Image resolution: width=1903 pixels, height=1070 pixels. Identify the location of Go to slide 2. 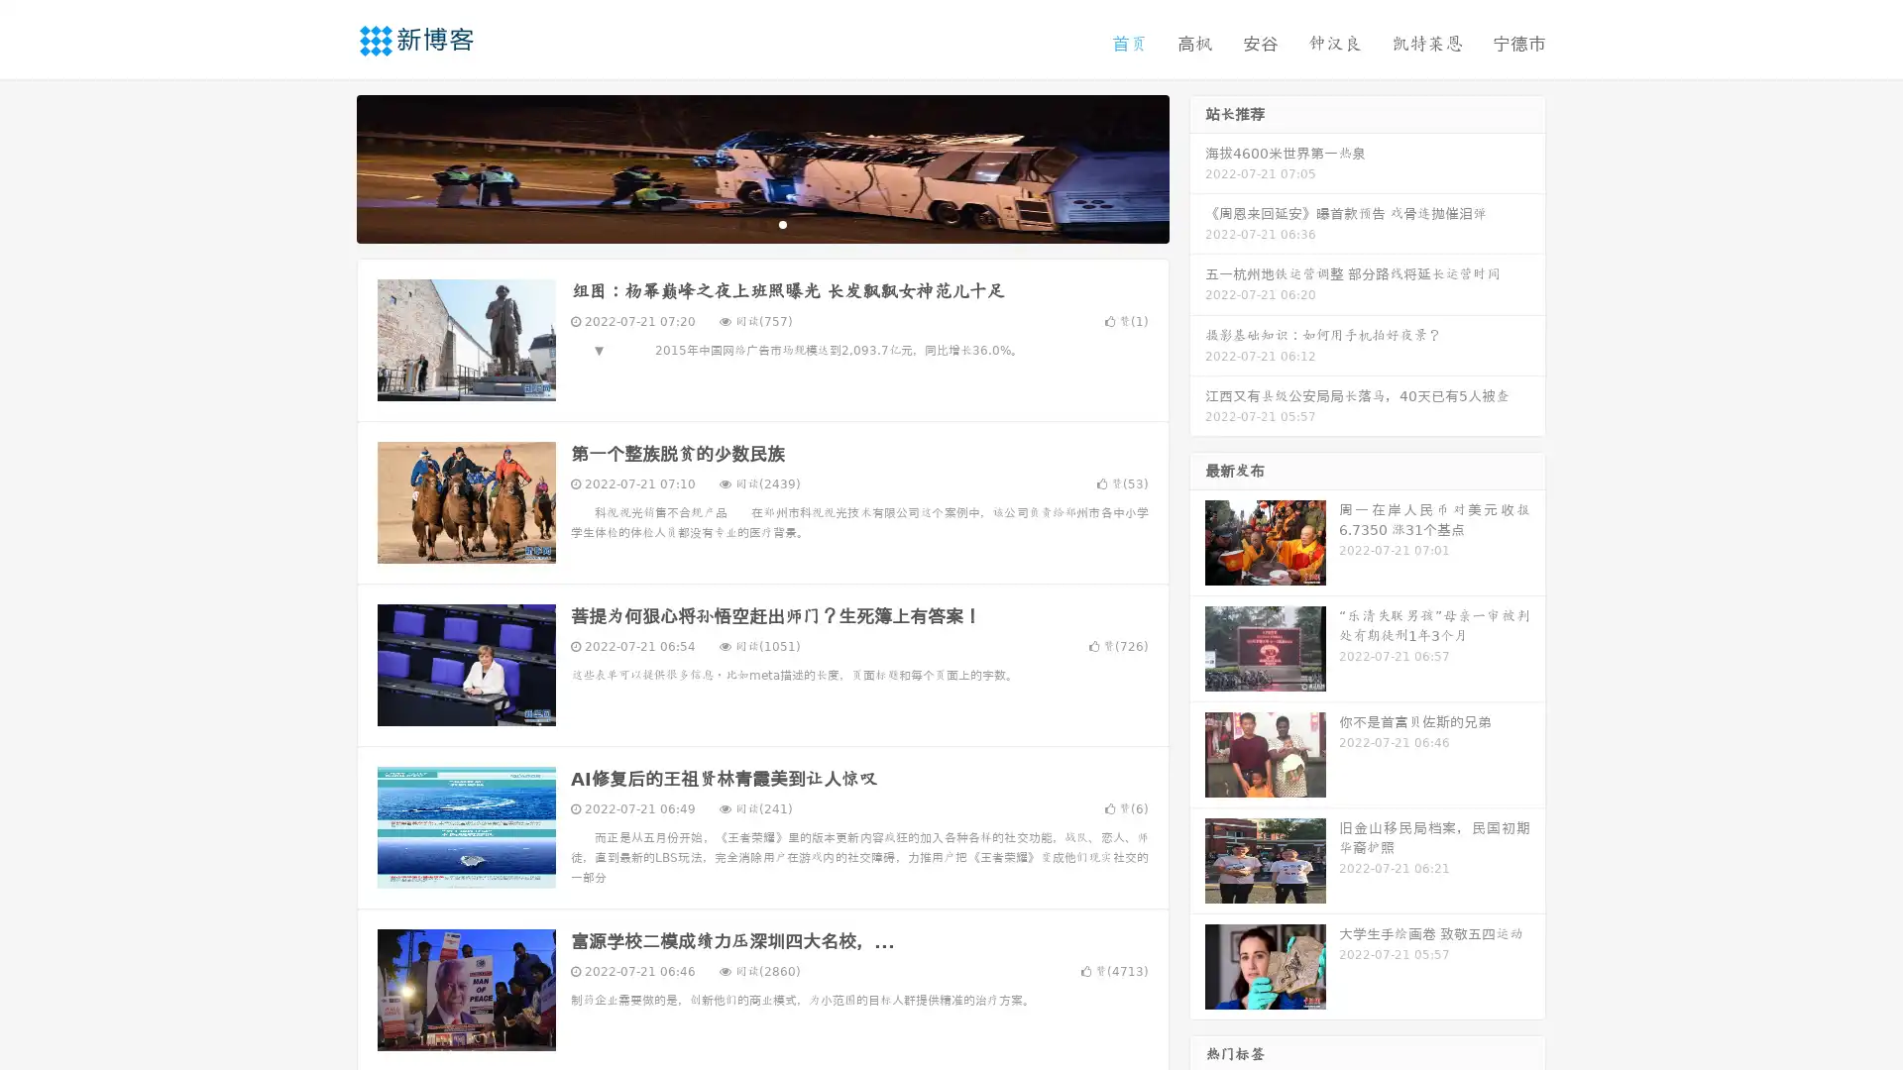
(761, 223).